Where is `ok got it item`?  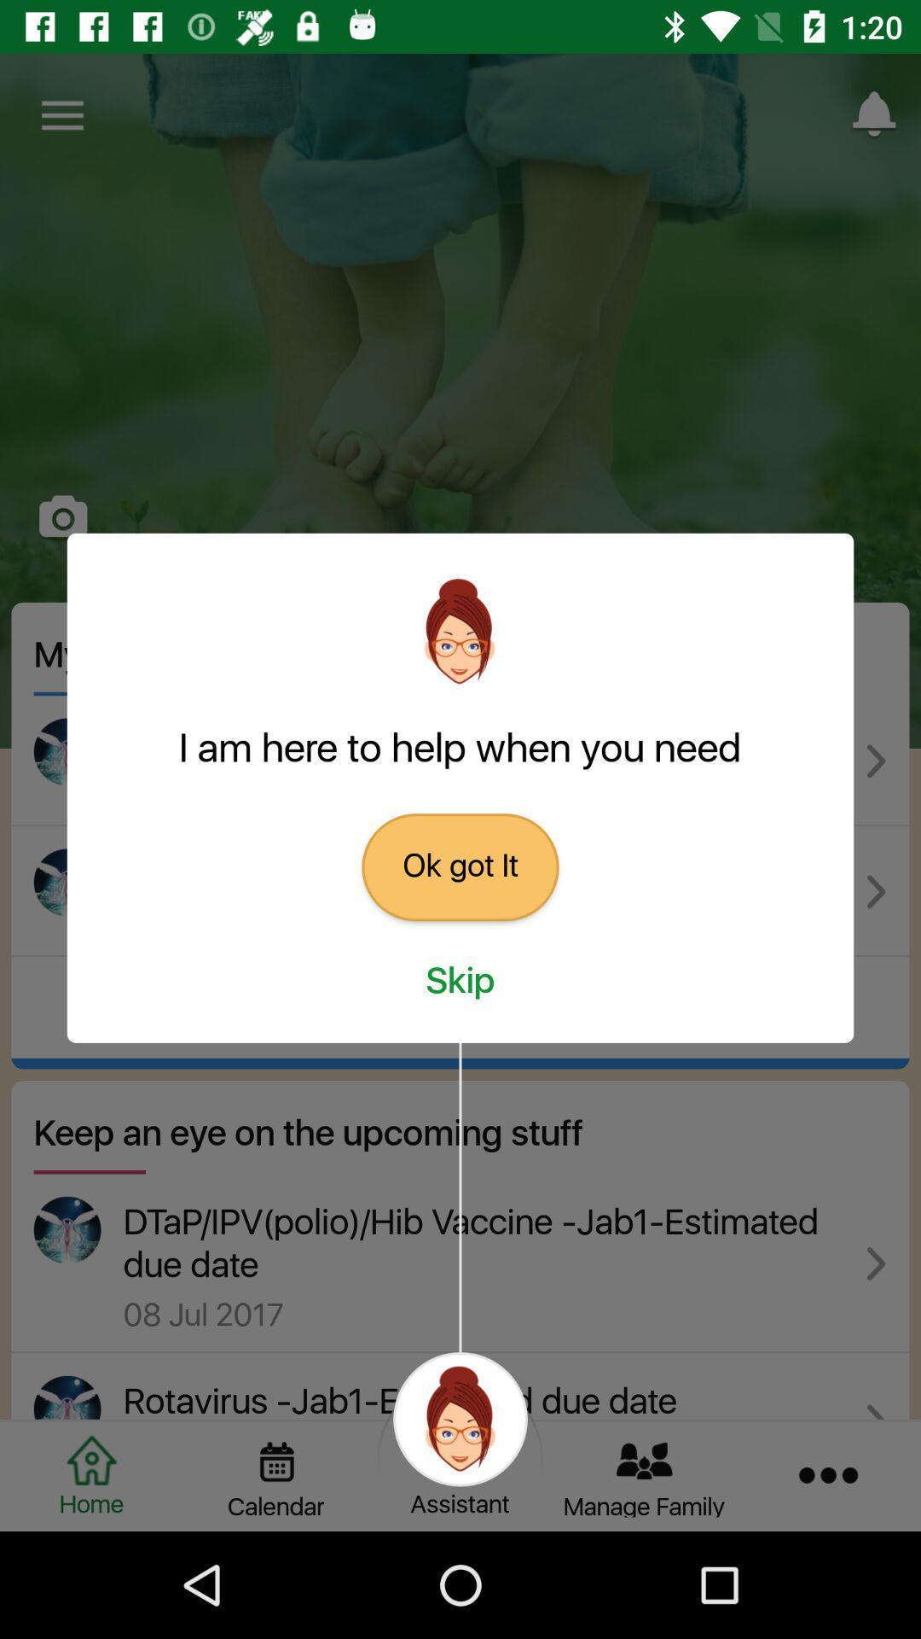
ok got it item is located at coordinates (460, 867).